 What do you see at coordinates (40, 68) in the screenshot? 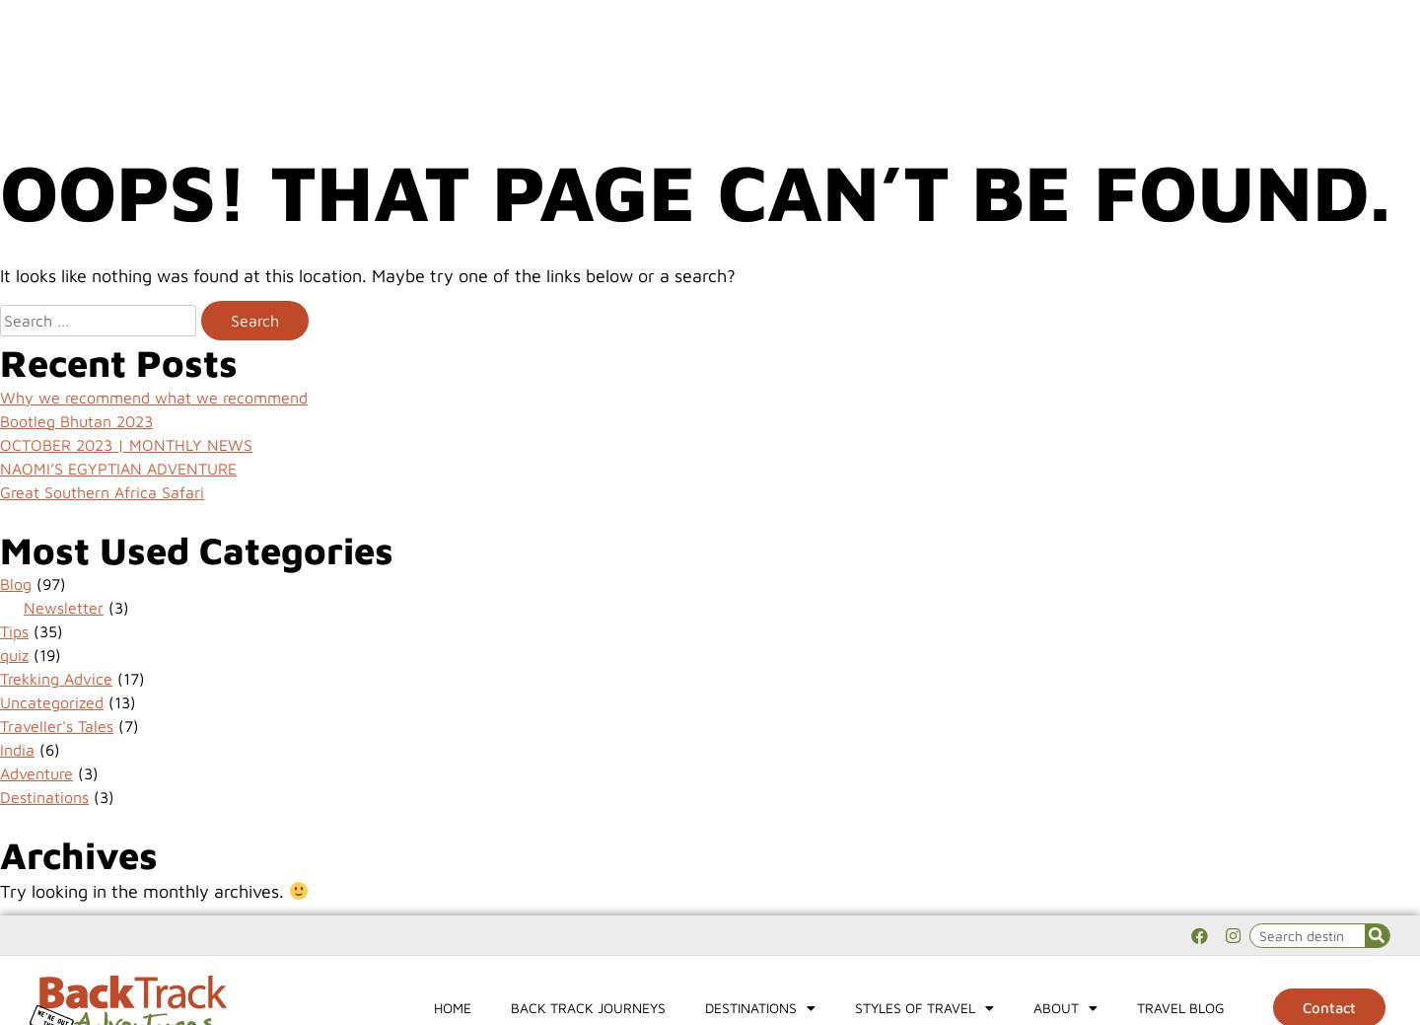
I see `'Tags'` at bounding box center [40, 68].